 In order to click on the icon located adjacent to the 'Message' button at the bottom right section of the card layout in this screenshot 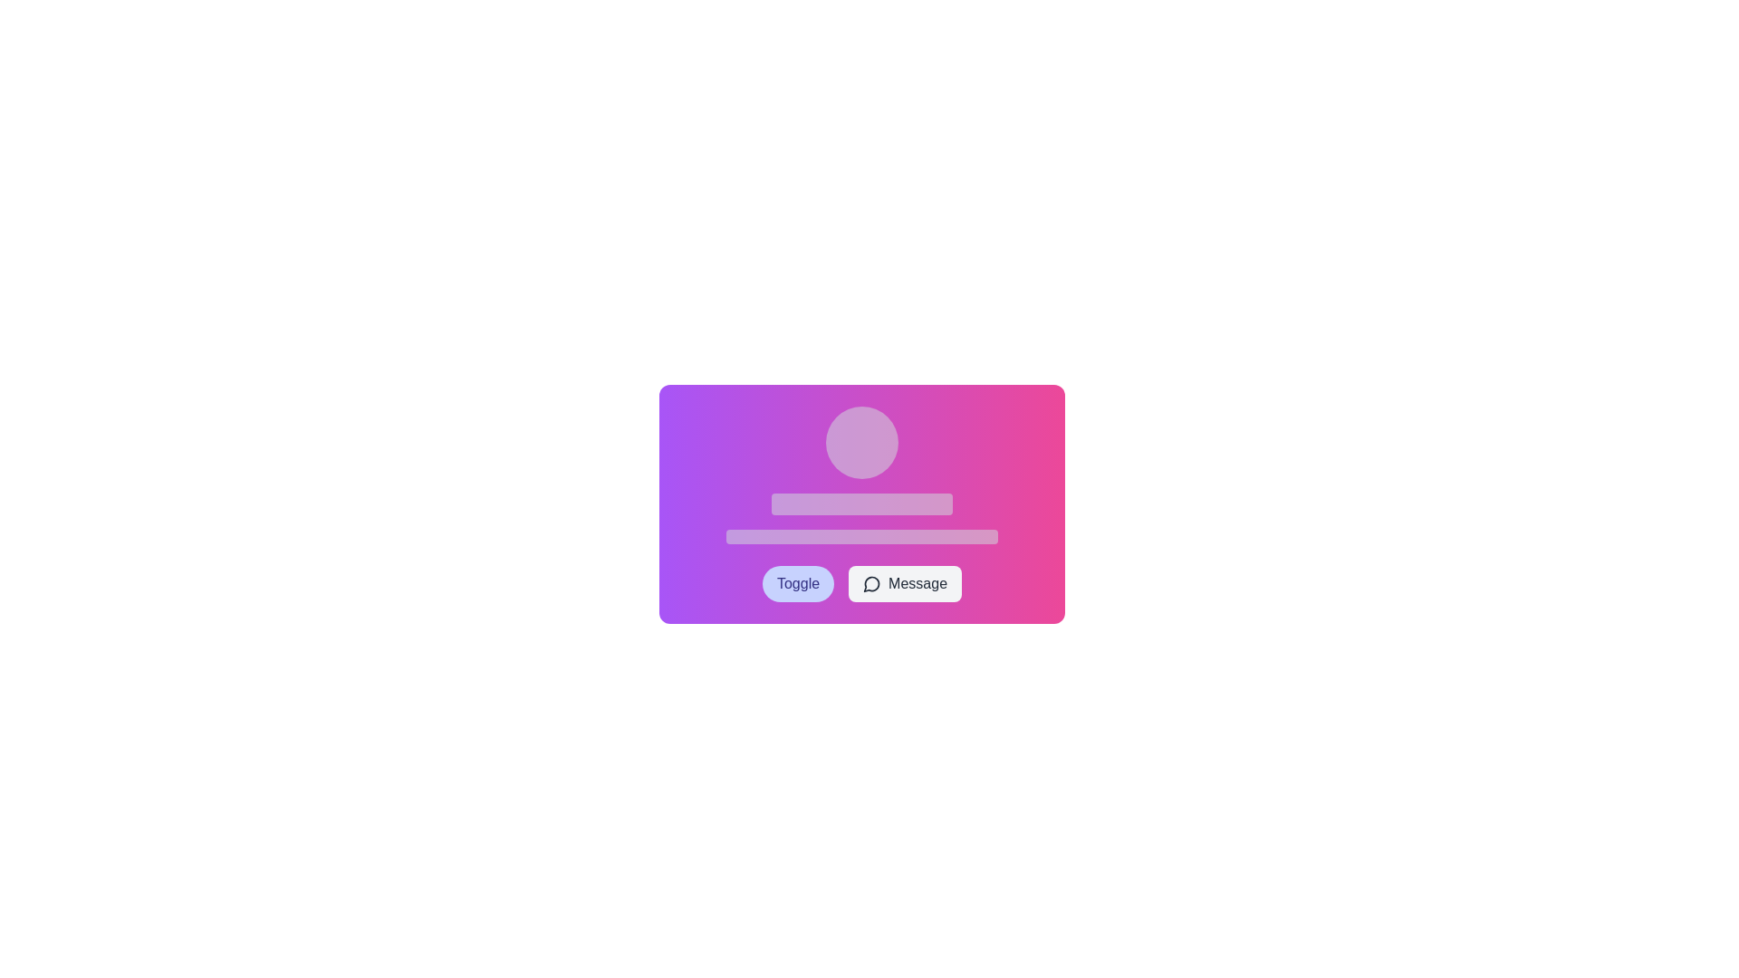, I will do `click(872, 583)`.